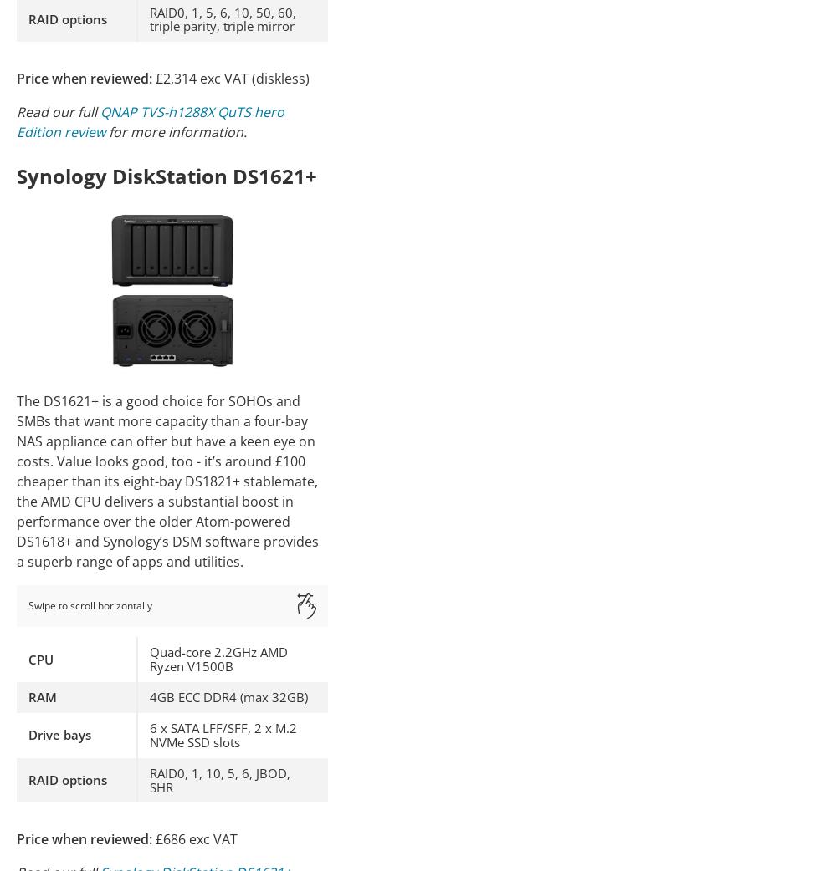 This screenshot has height=871, width=820. What do you see at coordinates (223, 733) in the screenshot?
I see `'6 x SATA LFF/SFF, 2 x M.2 NVMe SSD slots'` at bounding box center [223, 733].